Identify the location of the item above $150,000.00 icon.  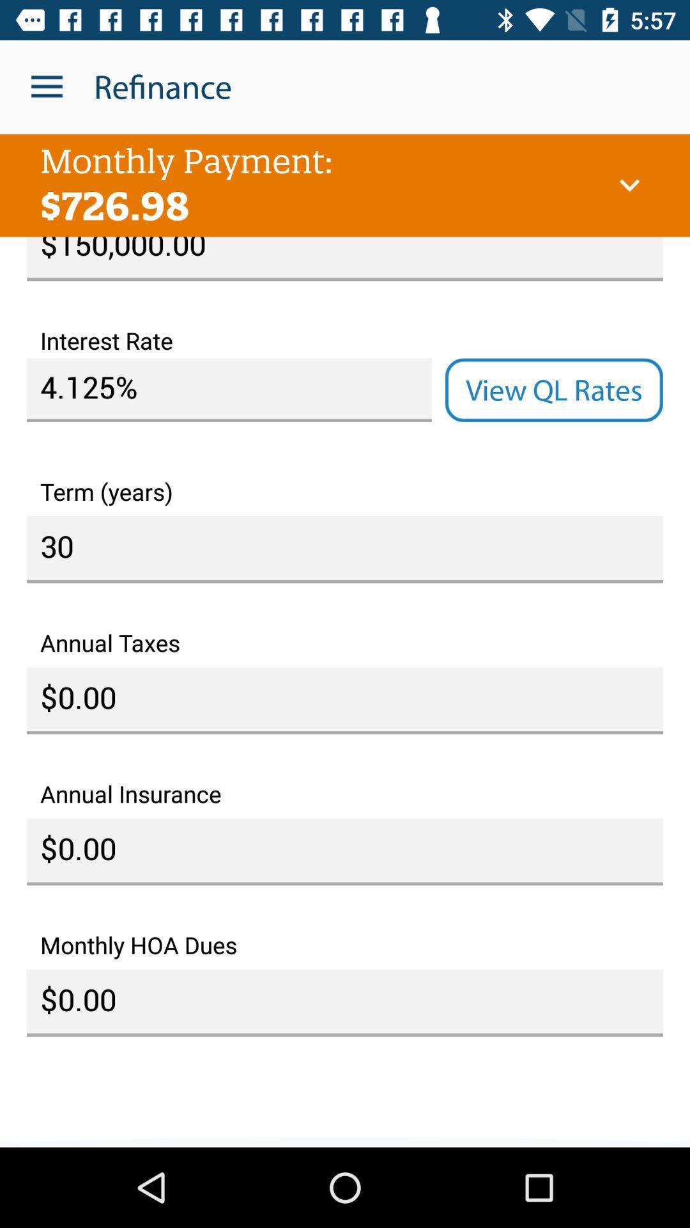
(629, 185).